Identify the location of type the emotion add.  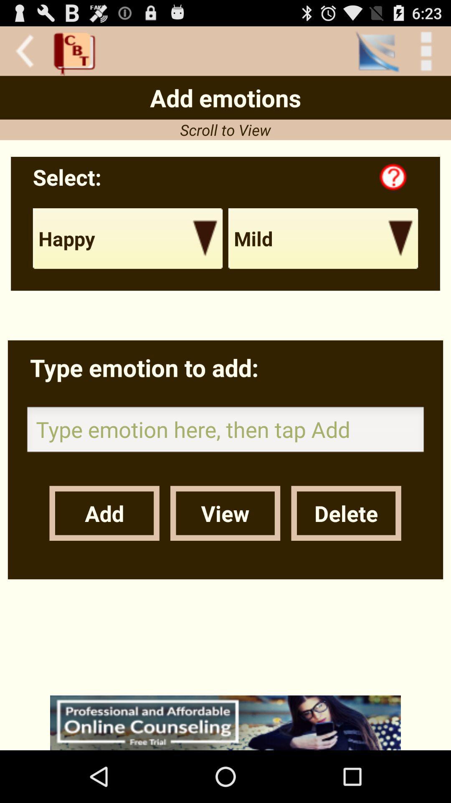
(225, 432).